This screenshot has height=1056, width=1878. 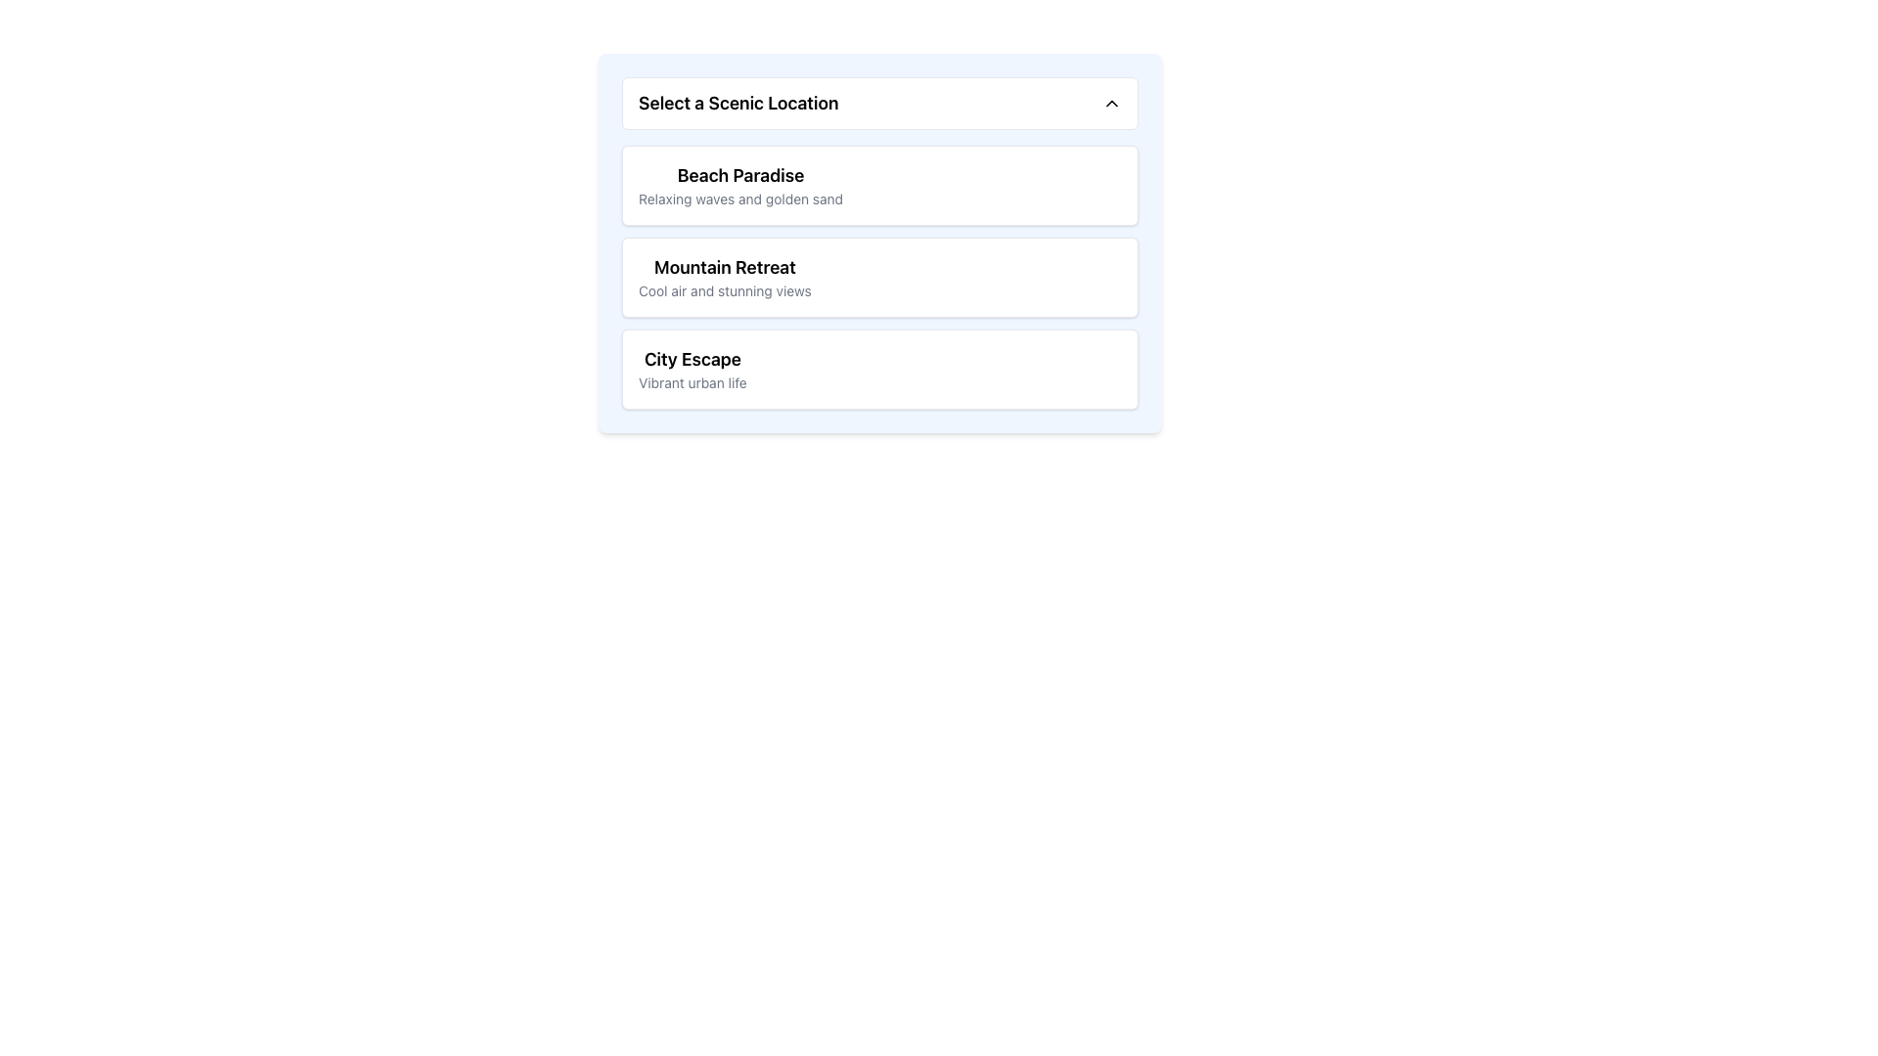 I want to click on on the selectable item labeled 'City Escape' which is the third entry in the vertical list of options, so click(x=879, y=370).